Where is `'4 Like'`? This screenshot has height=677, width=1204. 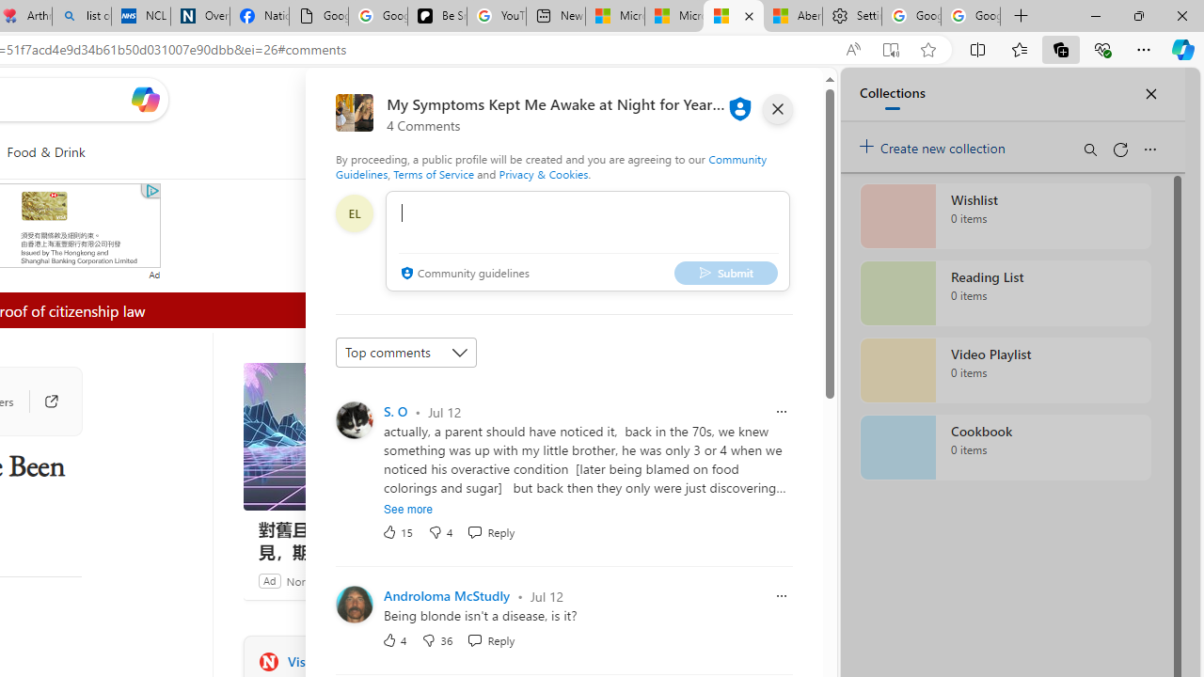 '4 Like' is located at coordinates (393, 638).